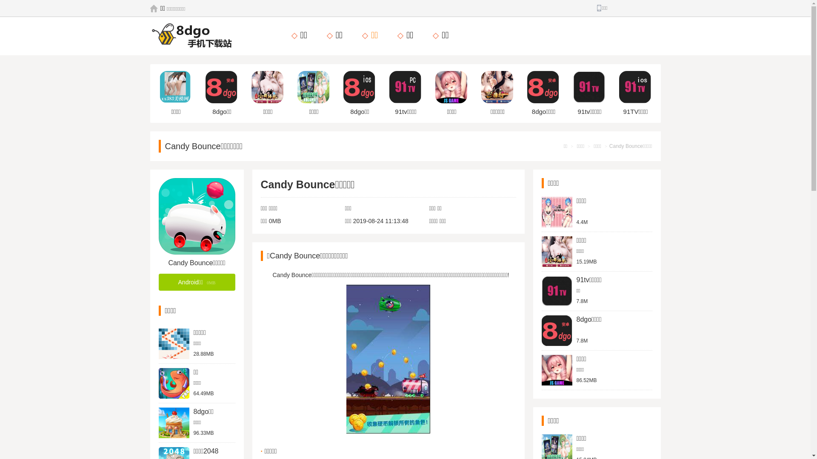  What do you see at coordinates (380, 221) in the screenshot?
I see `'2019-08-24 11:13:48'` at bounding box center [380, 221].